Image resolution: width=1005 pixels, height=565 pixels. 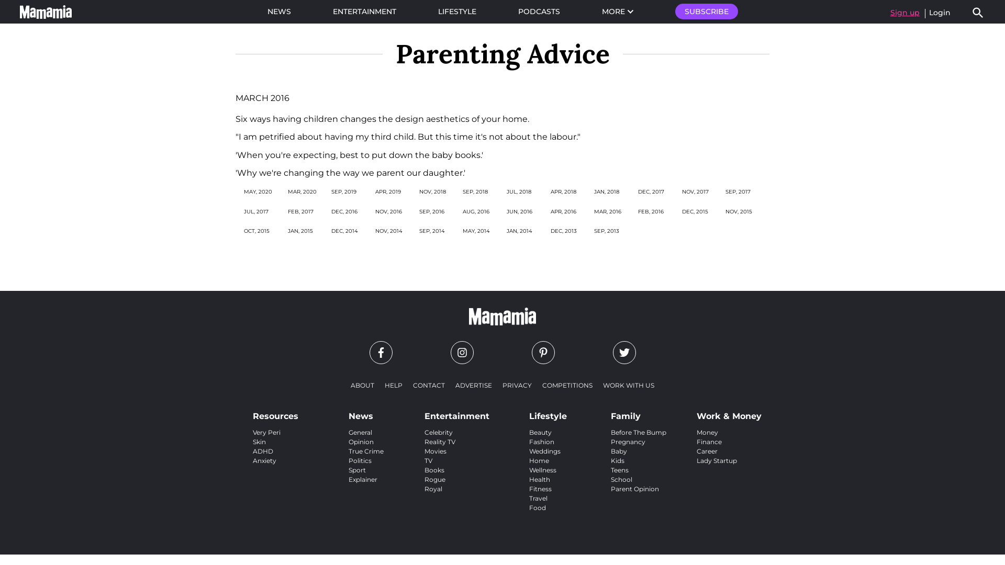 I want to click on 'JUL, 2017', so click(x=256, y=211).